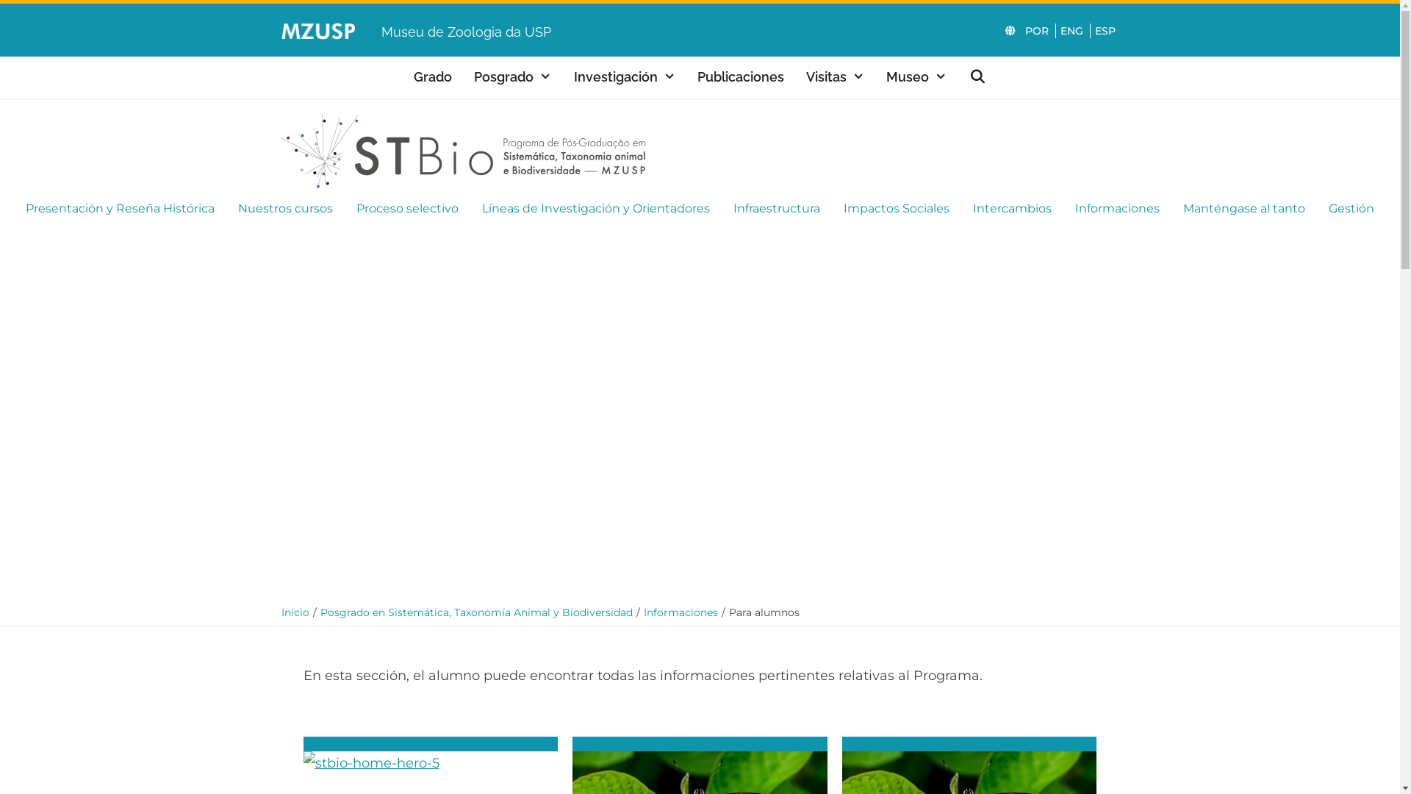 This screenshot has height=794, width=1411. I want to click on 'Visitas', so click(805, 78).